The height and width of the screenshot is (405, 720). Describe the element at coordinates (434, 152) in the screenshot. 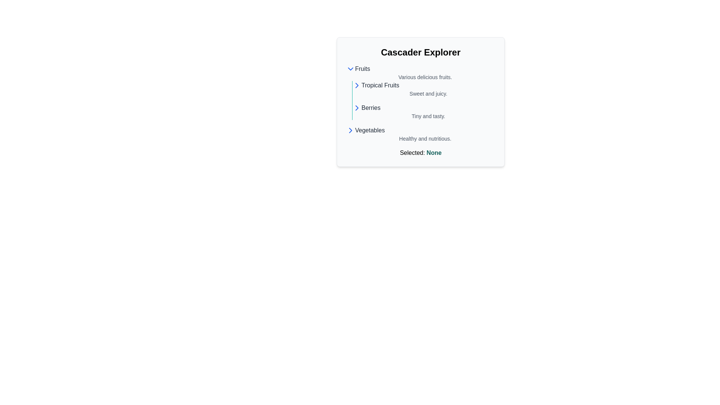

I see `the bold teal text label displaying 'None', which is located in the 'Selected: None' section at the bottom of the main content box` at that location.